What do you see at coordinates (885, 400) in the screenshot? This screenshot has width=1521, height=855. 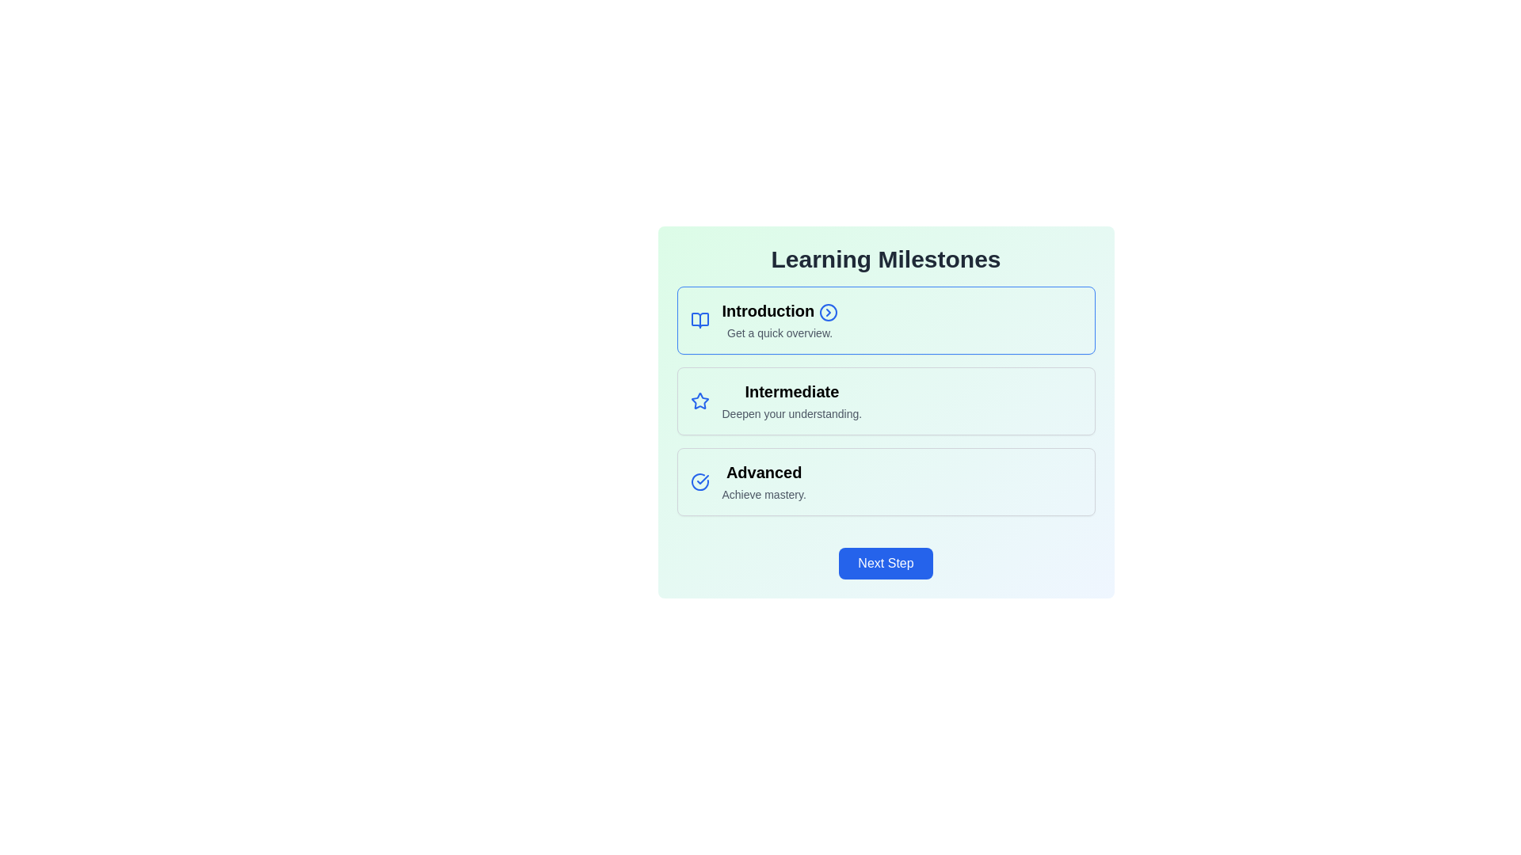 I see `the selectable list item named 'Intermediate' in the learning milestones, which is centrally located in the list as the second milestone` at bounding box center [885, 400].